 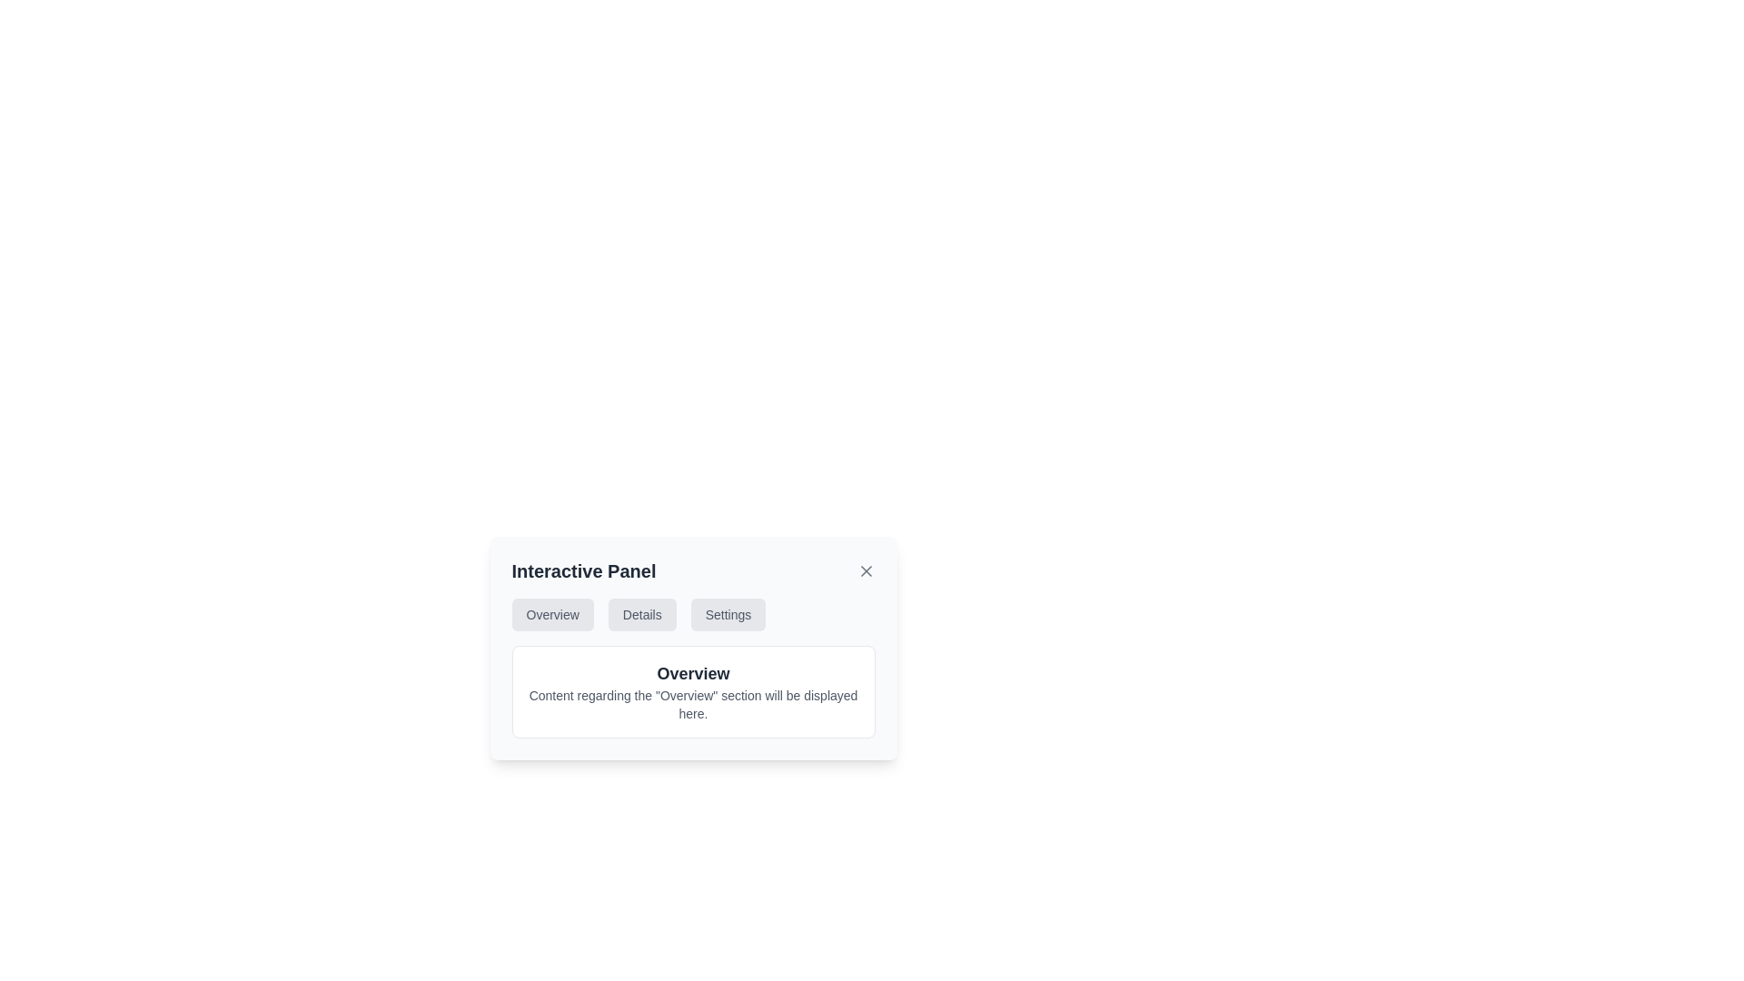 What do you see at coordinates (692, 703) in the screenshot?
I see `the text label that reads 'Content regarding the "Overview" section will be displayed here.', located beneath the 'Overview' title` at bounding box center [692, 703].